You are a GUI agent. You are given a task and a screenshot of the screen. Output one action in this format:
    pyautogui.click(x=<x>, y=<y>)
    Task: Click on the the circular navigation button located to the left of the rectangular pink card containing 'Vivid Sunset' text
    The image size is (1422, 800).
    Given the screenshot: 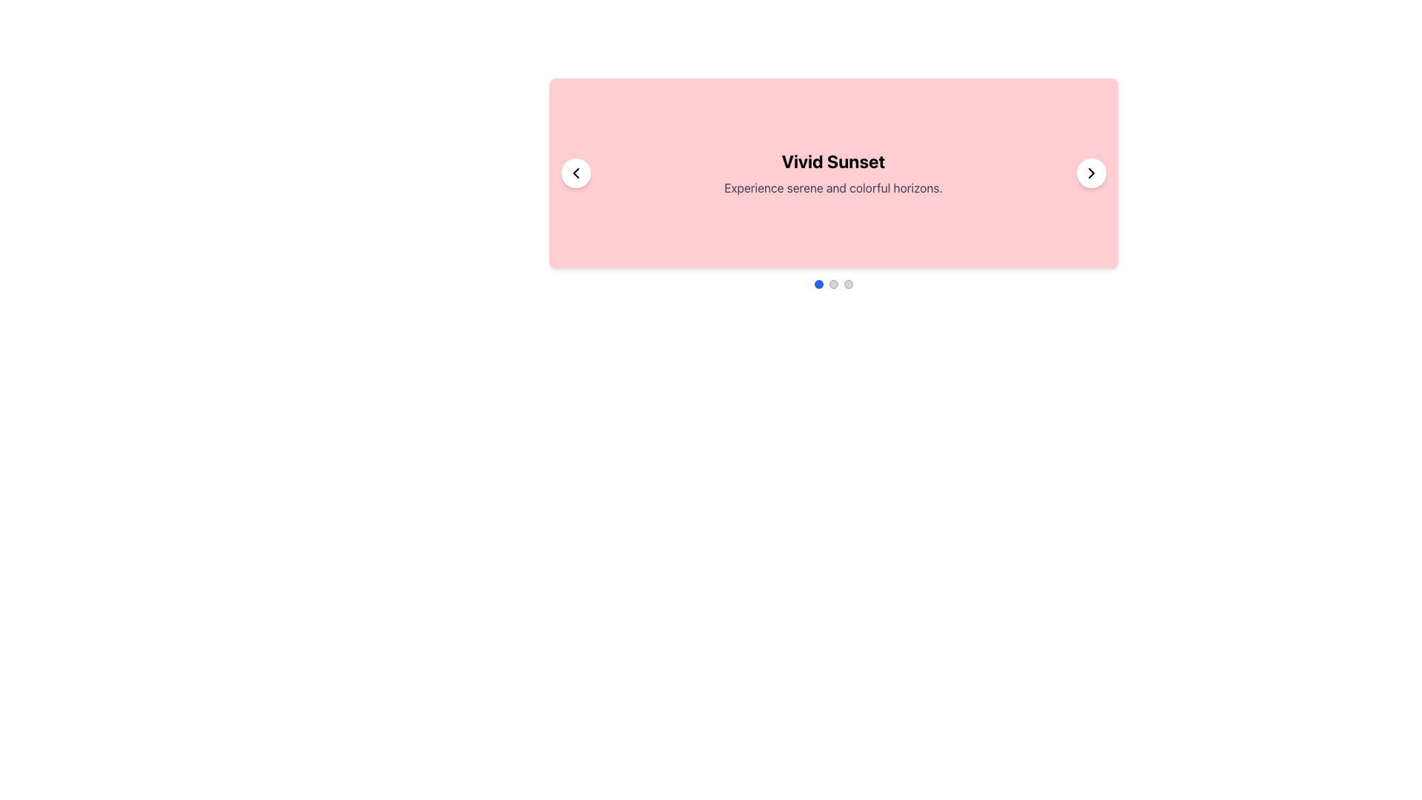 What is the action you would take?
    pyautogui.click(x=575, y=173)
    